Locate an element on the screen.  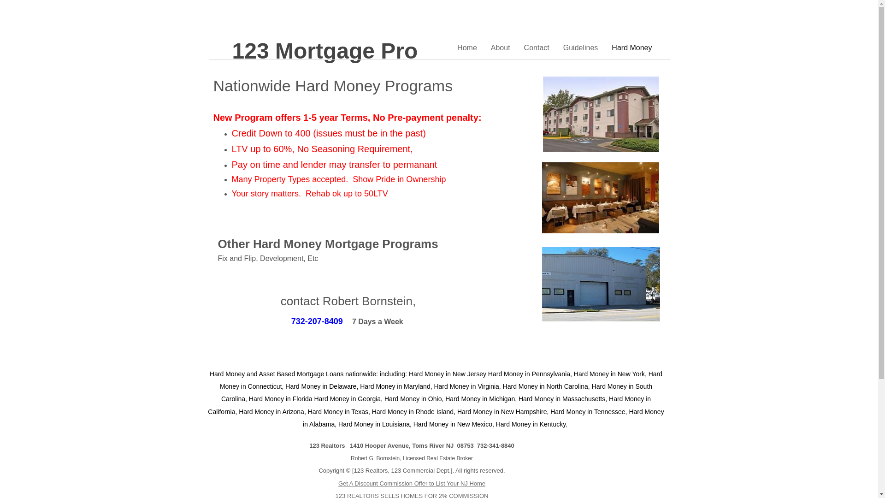
'About' is located at coordinates (500, 47).